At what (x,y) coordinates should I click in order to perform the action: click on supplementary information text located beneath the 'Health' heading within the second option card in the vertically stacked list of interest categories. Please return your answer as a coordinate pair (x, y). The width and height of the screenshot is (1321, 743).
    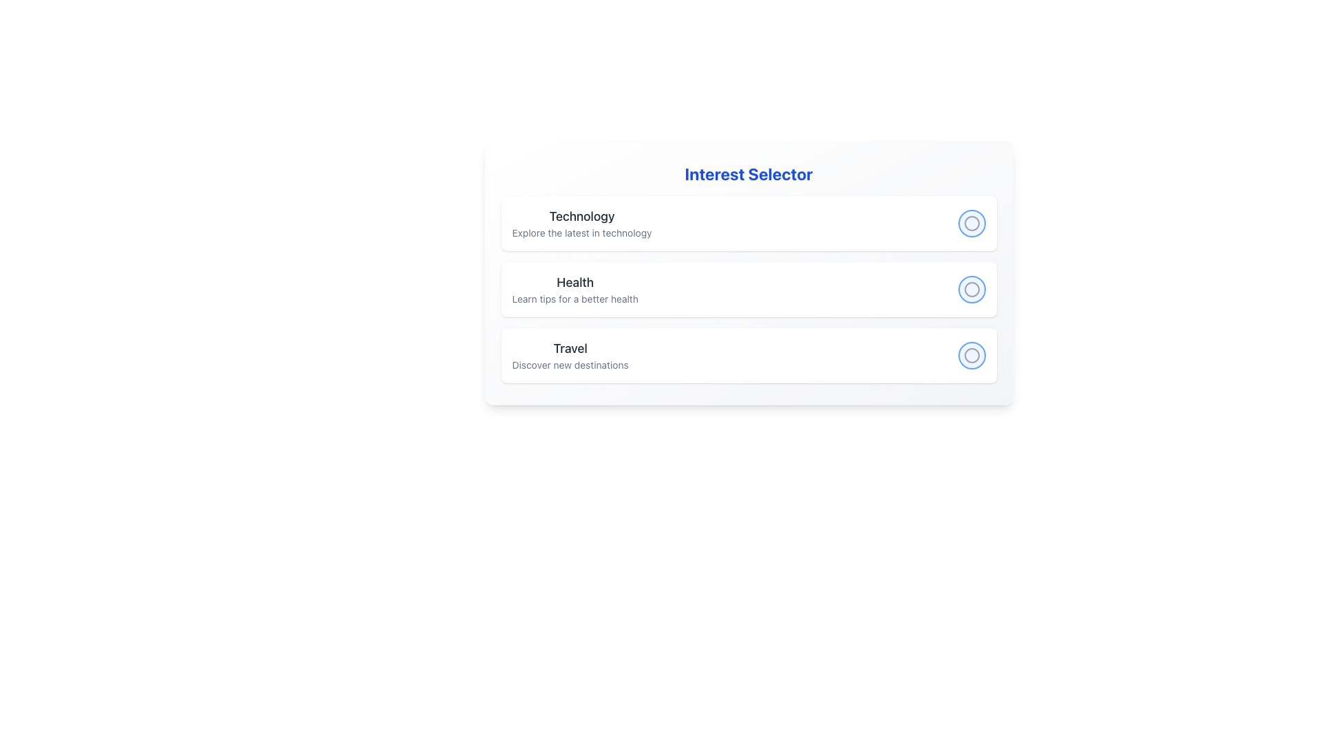
    Looking at the image, I should click on (575, 299).